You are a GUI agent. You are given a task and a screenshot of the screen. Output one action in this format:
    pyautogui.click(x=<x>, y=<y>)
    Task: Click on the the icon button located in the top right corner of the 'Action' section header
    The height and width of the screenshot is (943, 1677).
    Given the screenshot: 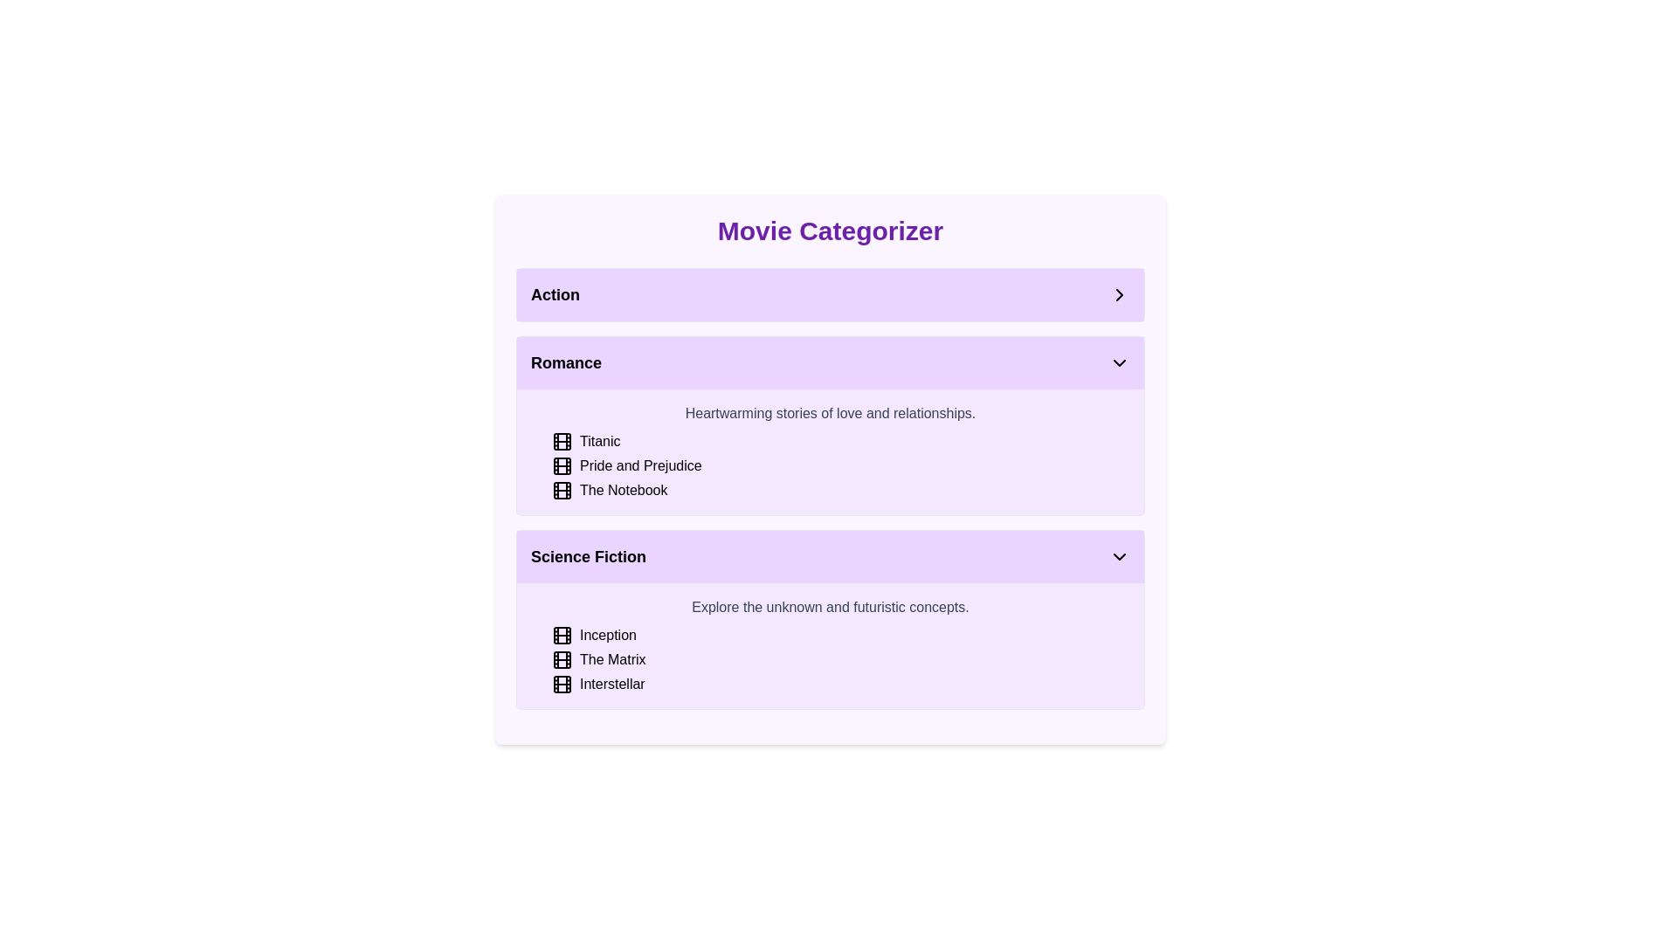 What is the action you would take?
    pyautogui.click(x=1119, y=294)
    